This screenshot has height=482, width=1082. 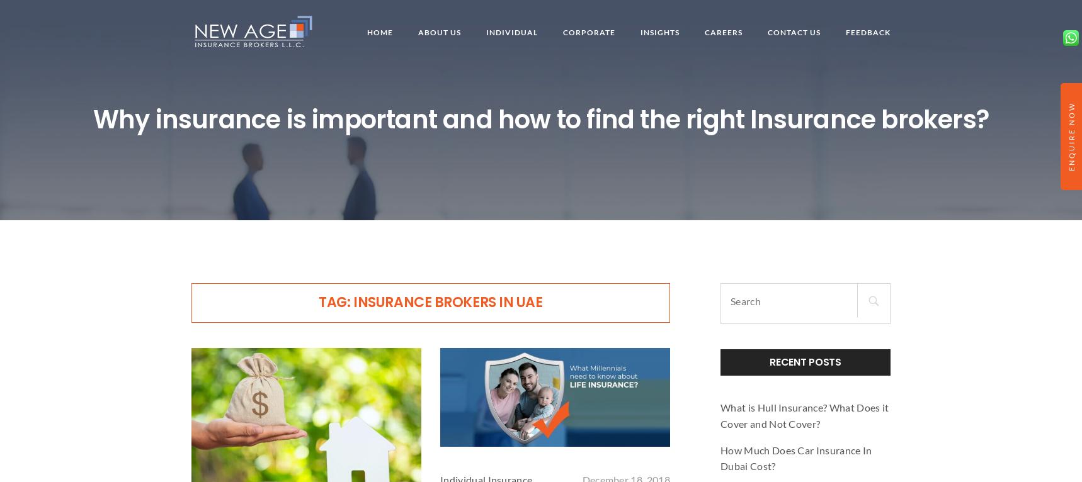 I want to click on 'Recent Posts', so click(x=769, y=361).